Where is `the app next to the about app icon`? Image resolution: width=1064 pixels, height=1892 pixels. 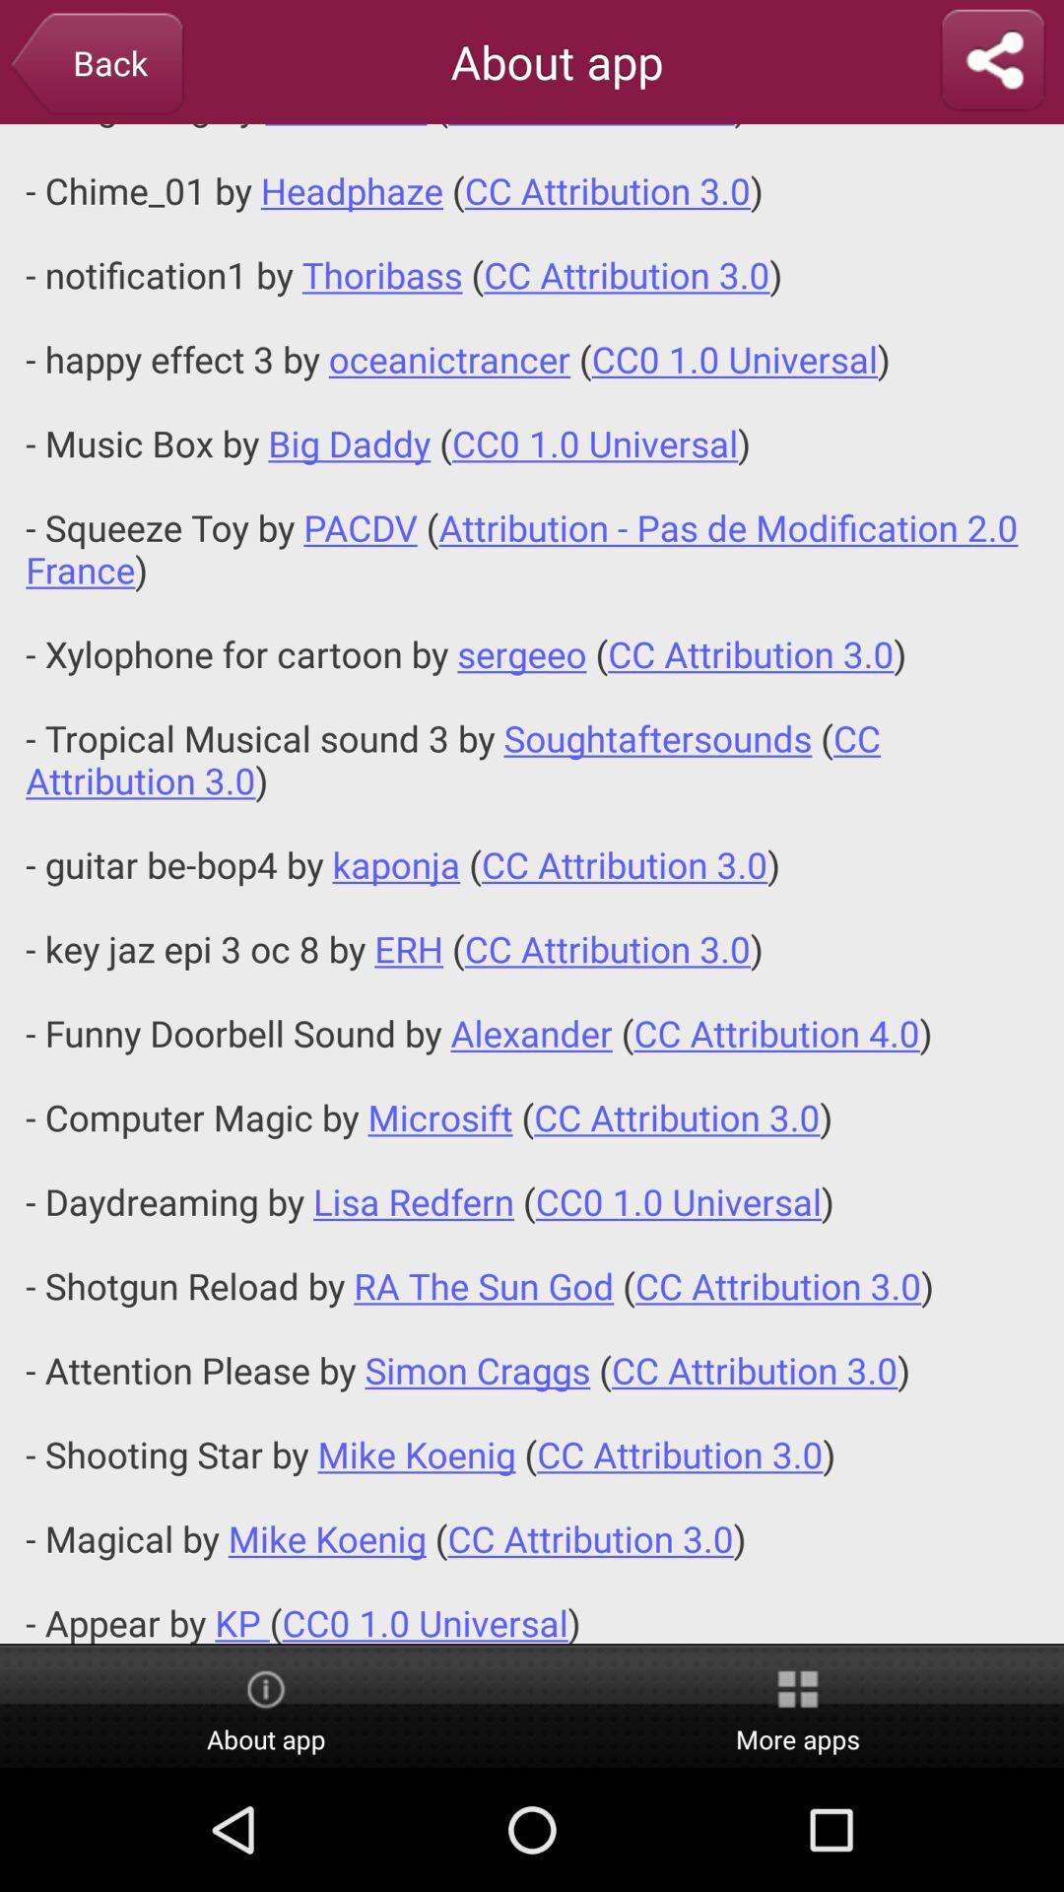
the app next to the about app icon is located at coordinates (96, 65).